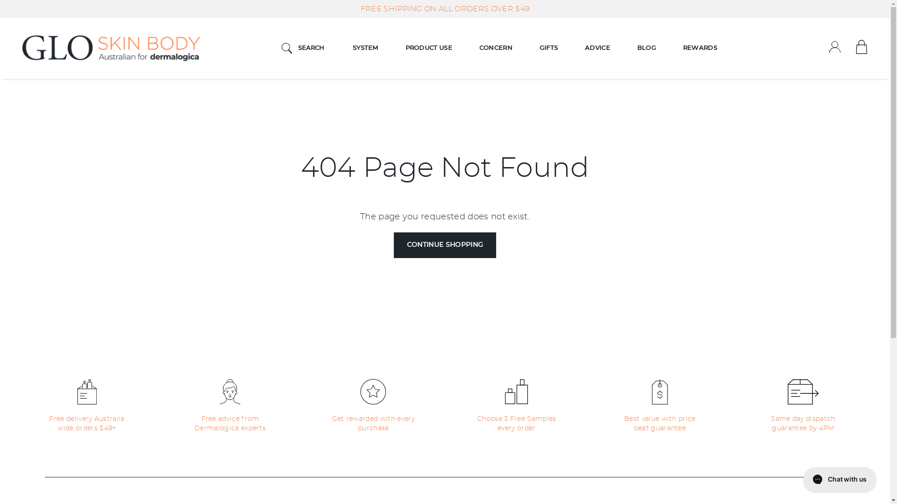 This screenshot has height=504, width=897. Describe the element at coordinates (303, 49) in the screenshot. I see `'SEARCH'` at that location.